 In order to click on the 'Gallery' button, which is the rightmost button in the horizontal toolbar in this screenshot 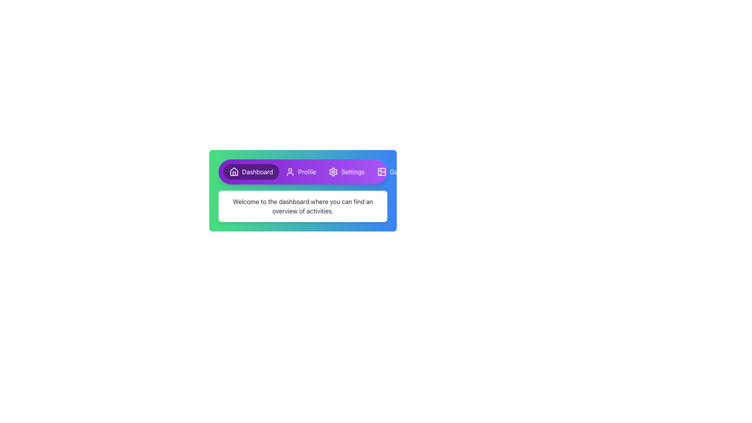, I will do `click(393, 172)`.